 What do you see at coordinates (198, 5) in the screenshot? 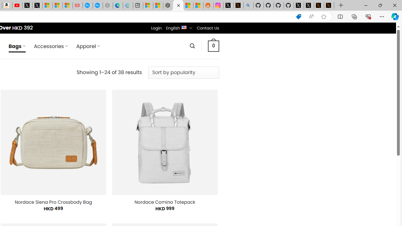
I see `'Shanghai, China Weather trends | Microsoft Weather'` at bounding box center [198, 5].